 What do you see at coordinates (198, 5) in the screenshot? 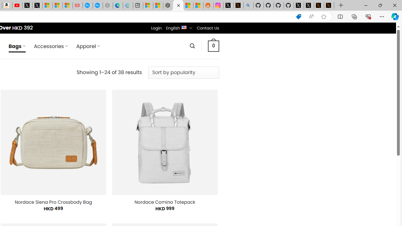
I see `'Shanghai, China Weather trends | Microsoft Weather'` at bounding box center [198, 5].